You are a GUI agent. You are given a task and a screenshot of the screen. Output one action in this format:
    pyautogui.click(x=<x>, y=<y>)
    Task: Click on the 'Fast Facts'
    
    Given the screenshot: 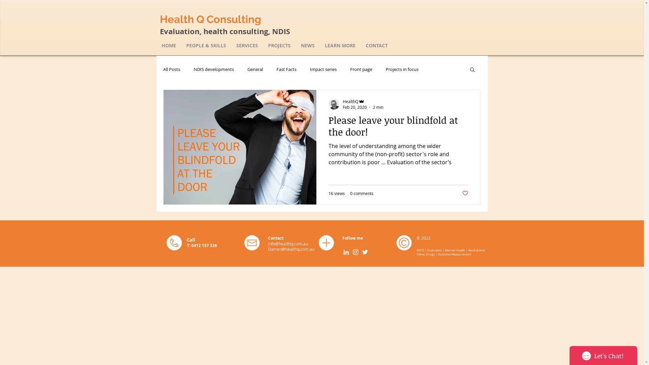 What is the action you would take?
    pyautogui.click(x=286, y=69)
    